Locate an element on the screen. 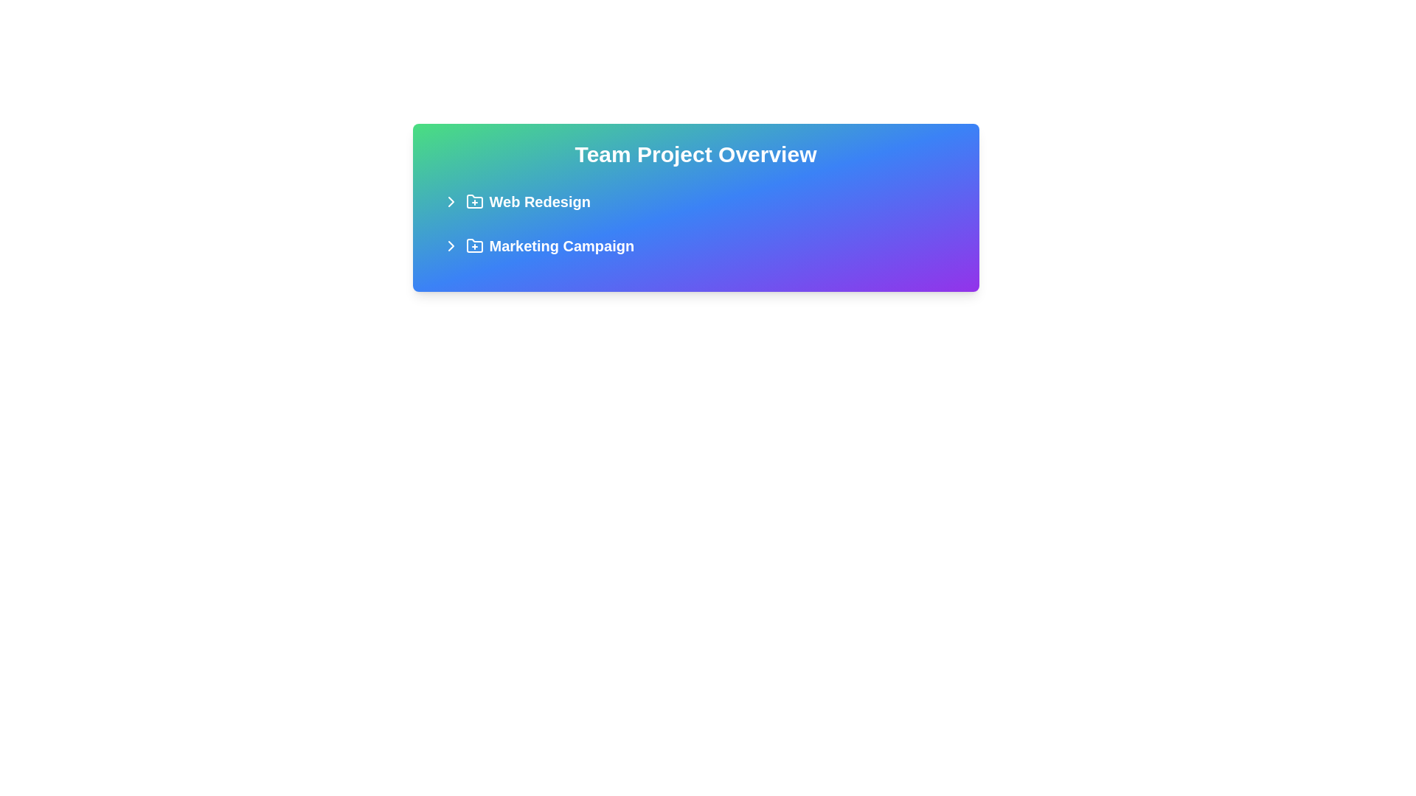 This screenshot has height=796, width=1416. the project title Marketing Campaign to navigate or select it is located at coordinates (695, 245).